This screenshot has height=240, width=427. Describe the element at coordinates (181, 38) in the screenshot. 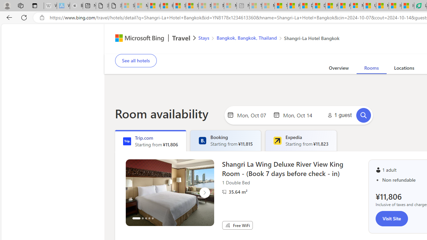

I see `'Class: msft-travel-logo'` at that location.